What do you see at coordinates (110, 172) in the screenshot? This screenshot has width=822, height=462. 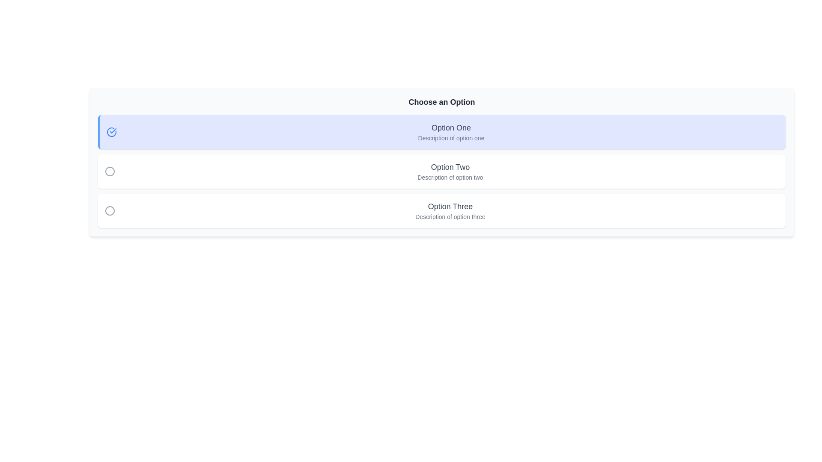 I see `the radio button indicator located within the second option of a vertically stacked list` at bounding box center [110, 172].